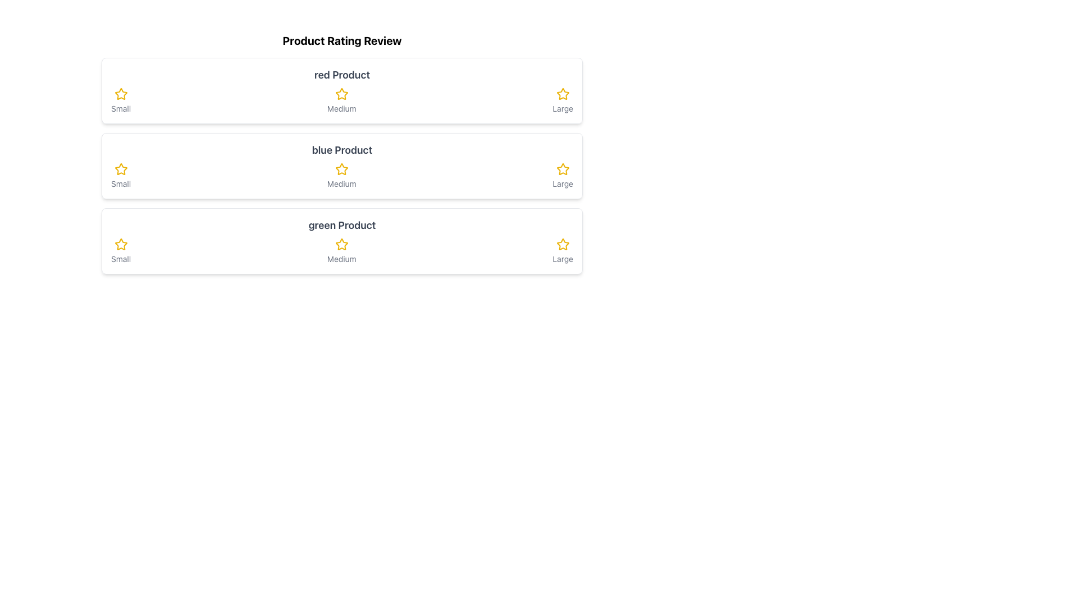 This screenshot has width=1078, height=606. Describe the element at coordinates (341, 259) in the screenshot. I see `the text component displaying 'Medium' in light gray color, which is located centrally below a yellow star icon in the third row under the header 'green Product'` at that location.